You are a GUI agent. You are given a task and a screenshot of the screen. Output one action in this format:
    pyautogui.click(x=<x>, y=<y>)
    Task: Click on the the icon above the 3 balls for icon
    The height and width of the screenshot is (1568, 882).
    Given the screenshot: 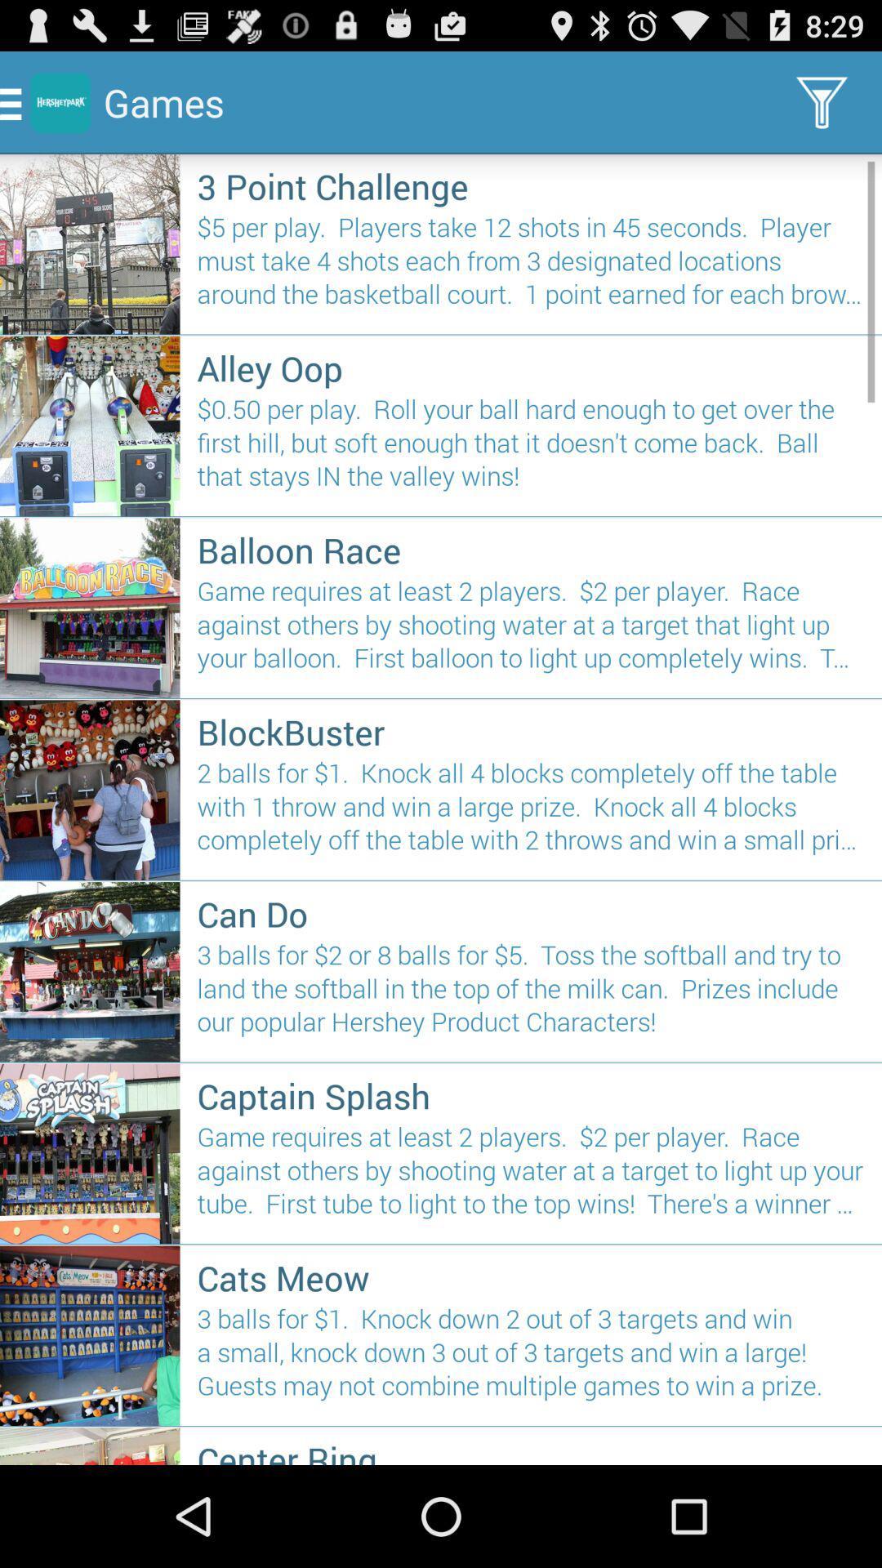 What is the action you would take?
    pyautogui.click(x=531, y=912)
    